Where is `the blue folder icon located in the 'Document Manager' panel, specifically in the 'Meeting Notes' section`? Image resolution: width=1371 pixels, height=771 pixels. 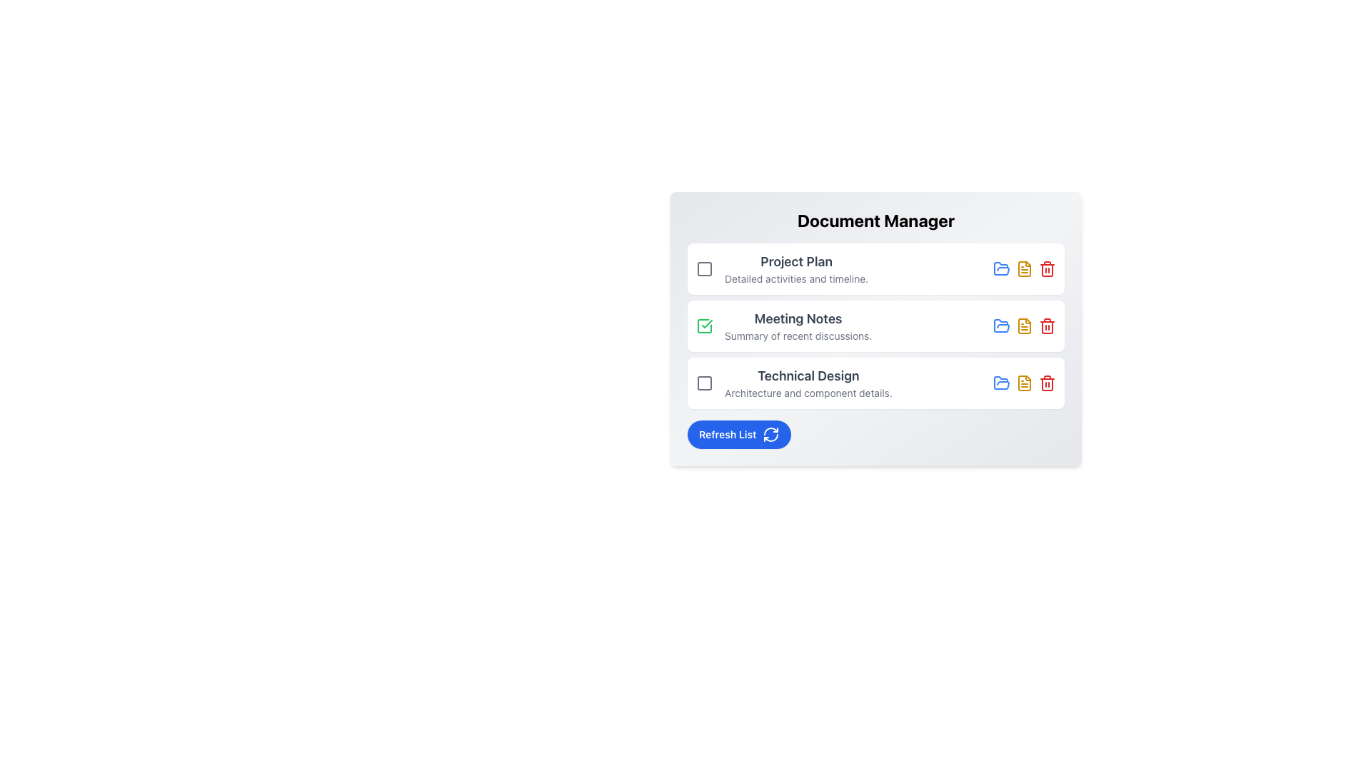
the blue folder icon located in the 'Document Manager' panel, specifically in the 'Meeting Notes' section is located at coordinates (1000, 268).